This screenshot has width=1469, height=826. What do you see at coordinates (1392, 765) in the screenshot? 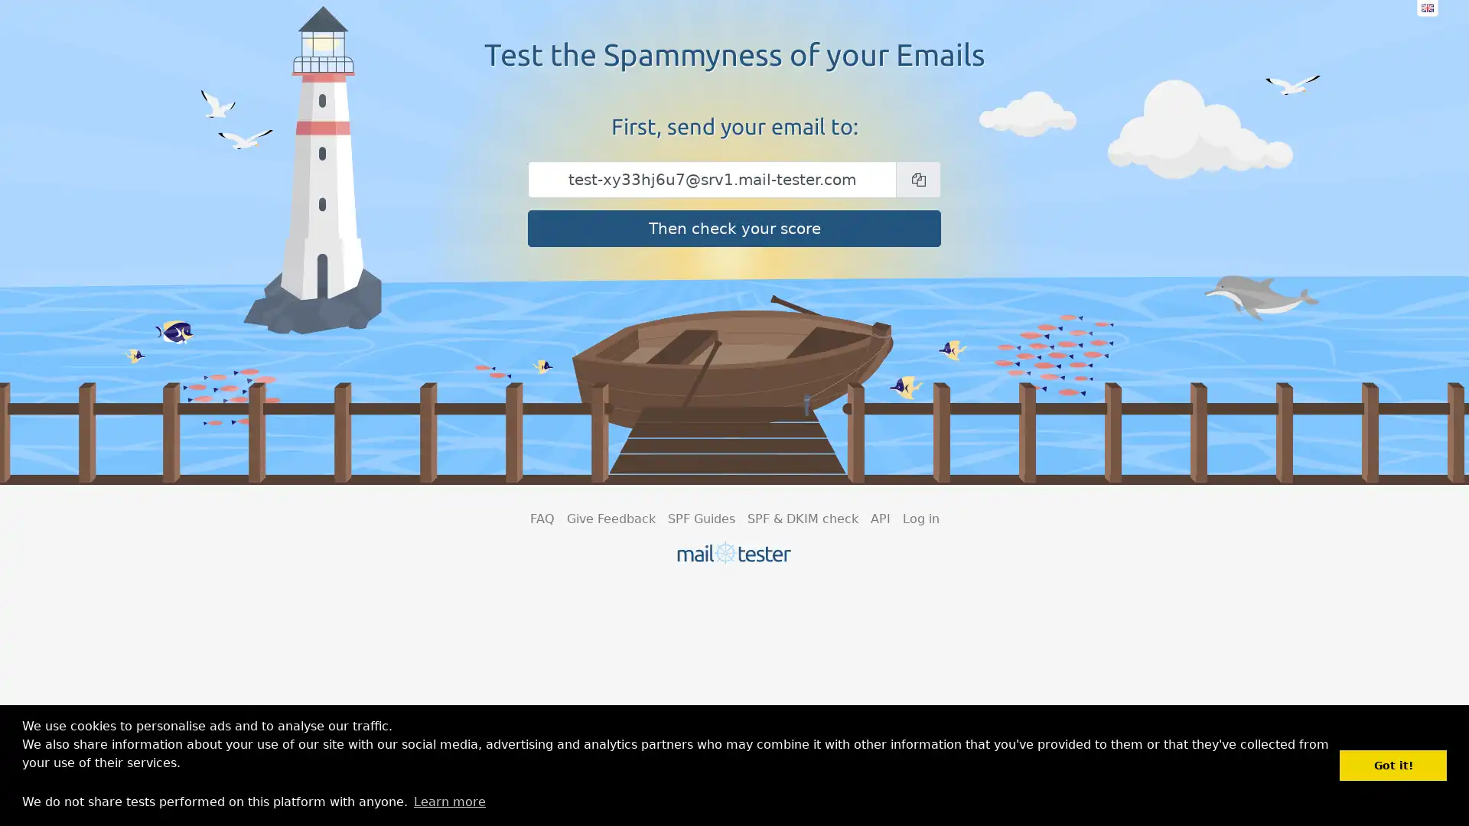
I see `dismiss cookie message` at bounding box center [1392, 765].